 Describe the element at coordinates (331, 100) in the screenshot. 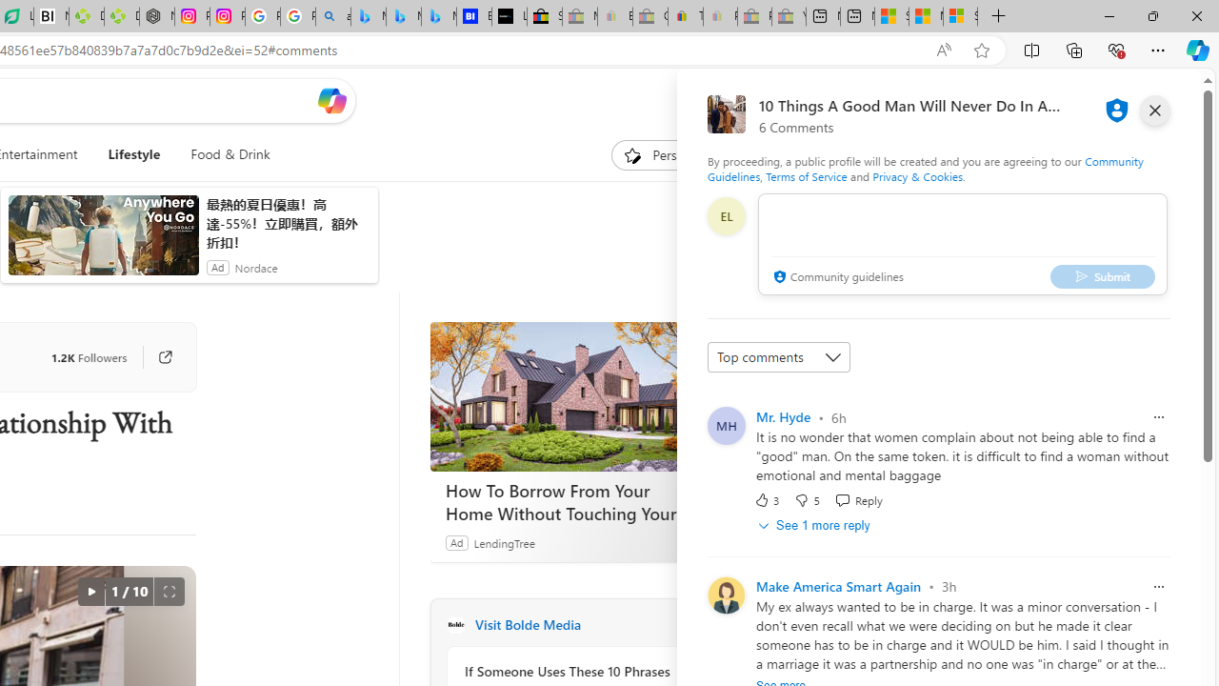

I see `'Open Copilot'` at that location.